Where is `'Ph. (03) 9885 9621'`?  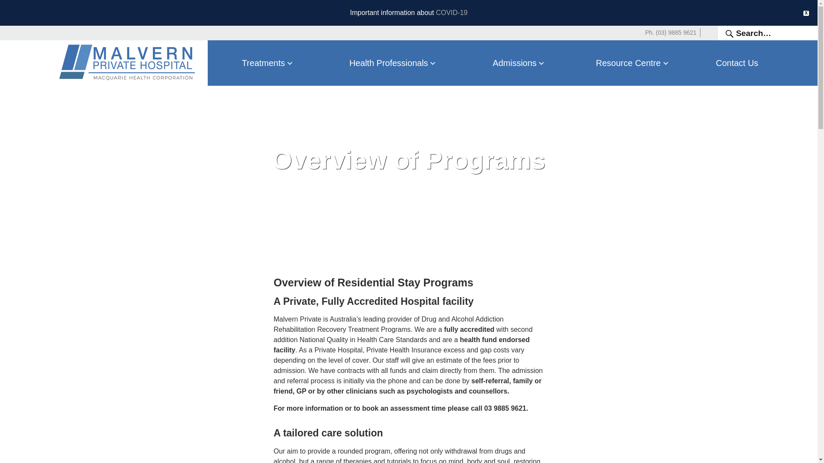
'Ph. (03) 9885 9621' is located at coordinates (670, 32).